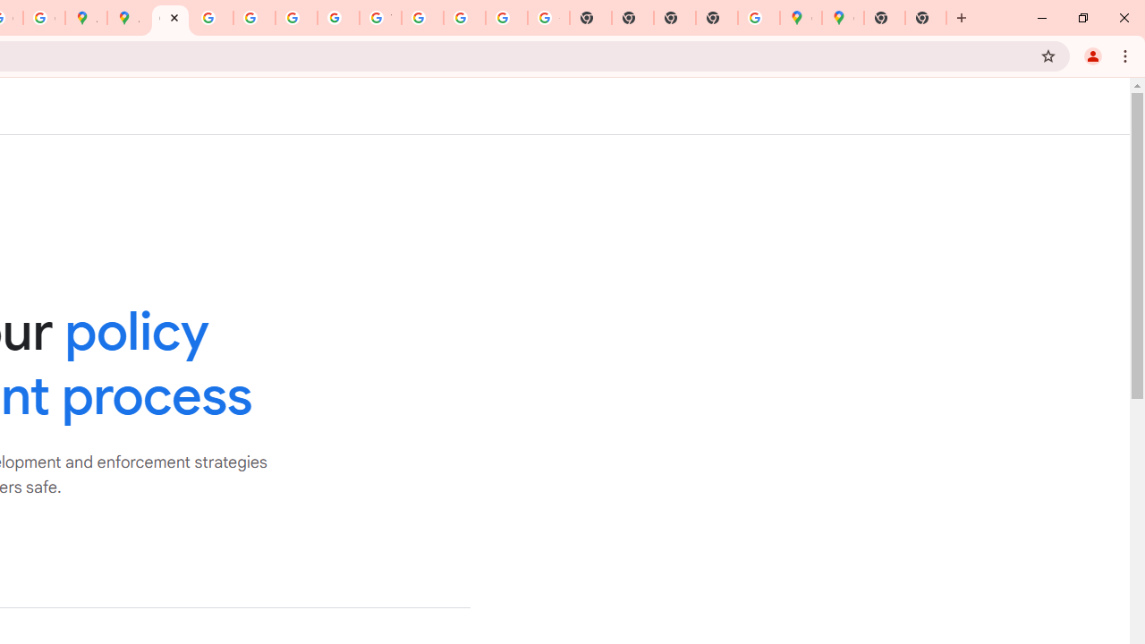 The width and height of the screenshot is (1145, 644). I want to click on 'New Tab', so click(926, 18).